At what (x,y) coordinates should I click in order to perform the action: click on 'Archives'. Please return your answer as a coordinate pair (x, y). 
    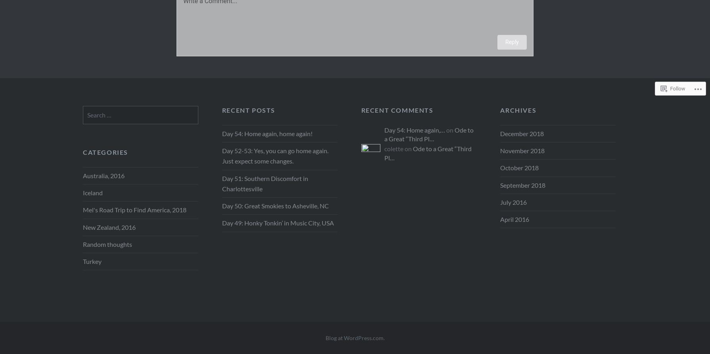
    Looking at the image, I should click on (518, 110).